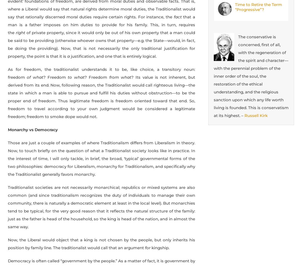 This screenshot has width=302, height=266. I want to click on 'kingship.', so click(160, 247).